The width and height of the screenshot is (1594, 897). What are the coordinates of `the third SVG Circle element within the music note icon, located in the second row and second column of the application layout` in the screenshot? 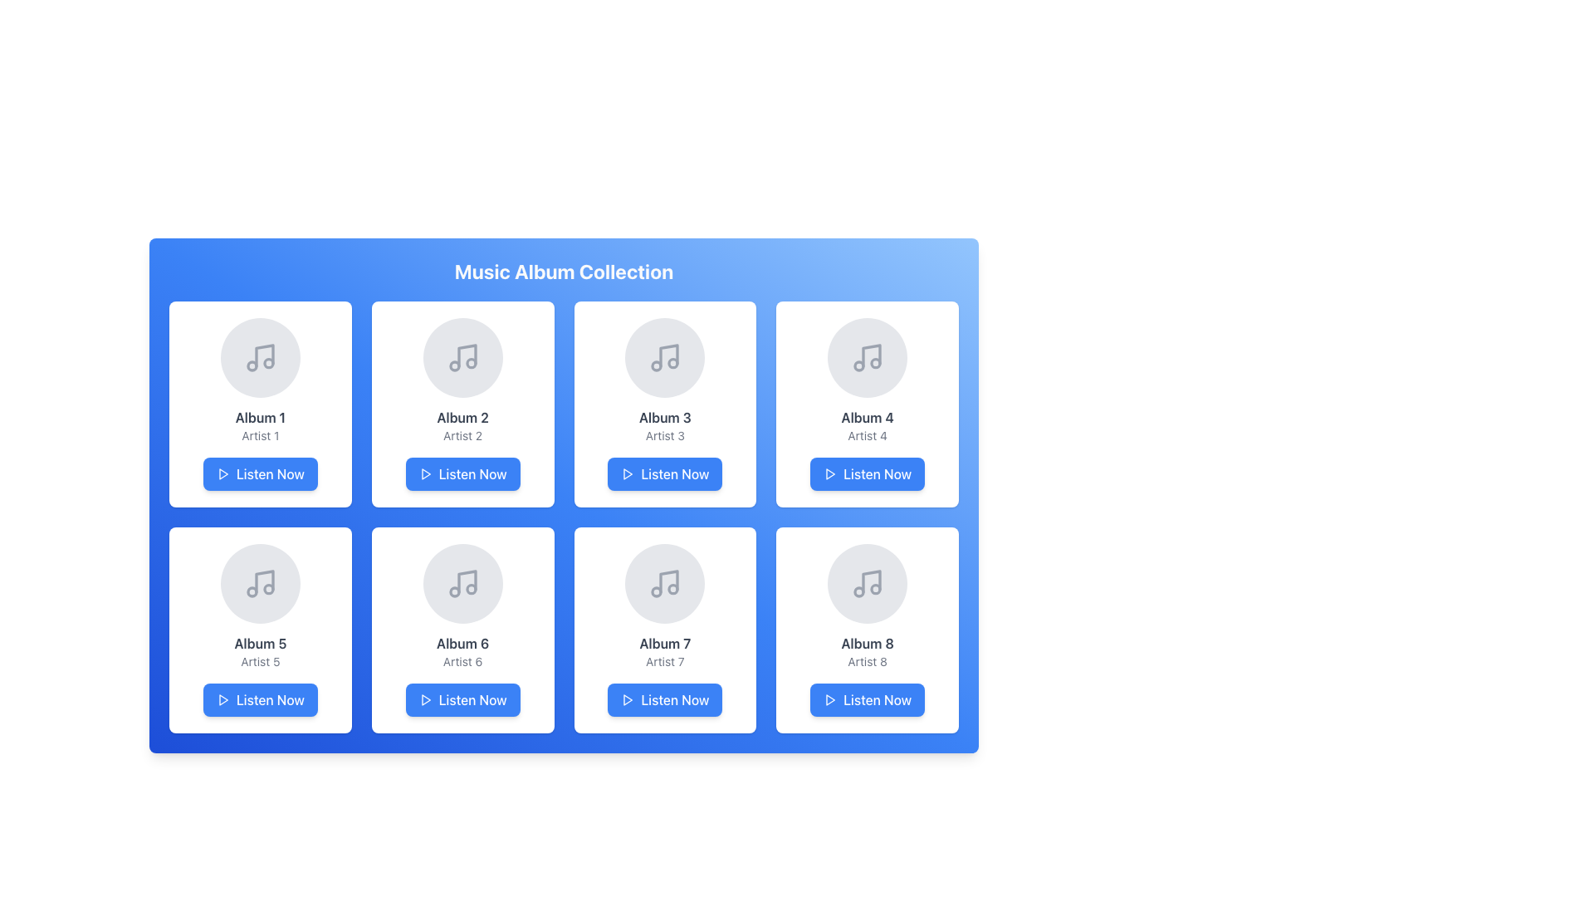 It's located at (470, 588).